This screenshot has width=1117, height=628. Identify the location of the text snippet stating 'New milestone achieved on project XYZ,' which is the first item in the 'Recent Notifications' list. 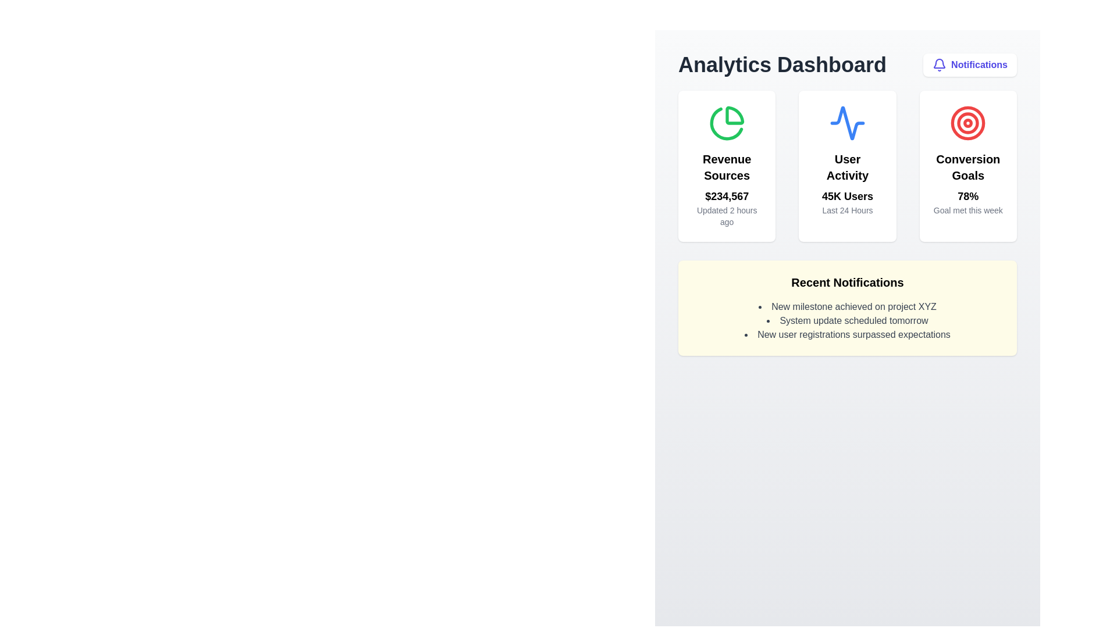
(848, 306).